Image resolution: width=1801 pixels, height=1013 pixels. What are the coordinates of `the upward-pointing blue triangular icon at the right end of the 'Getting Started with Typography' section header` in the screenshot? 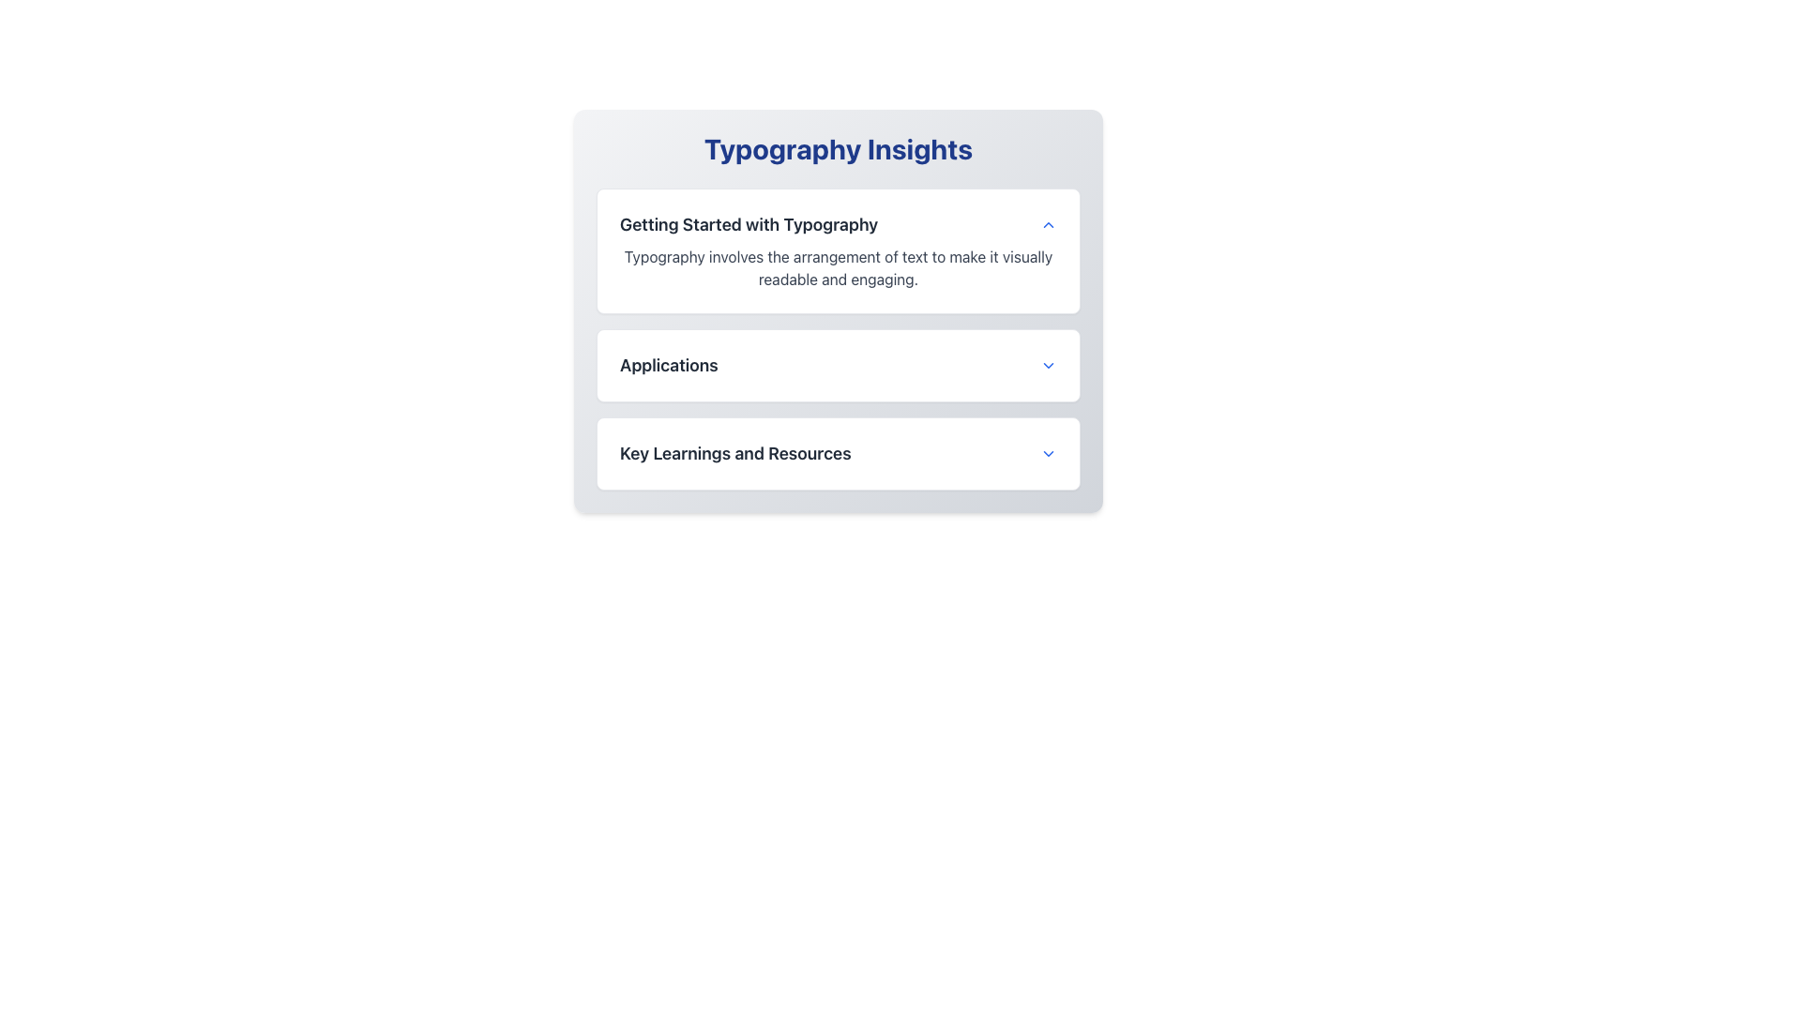 It's located at (1048, 223).